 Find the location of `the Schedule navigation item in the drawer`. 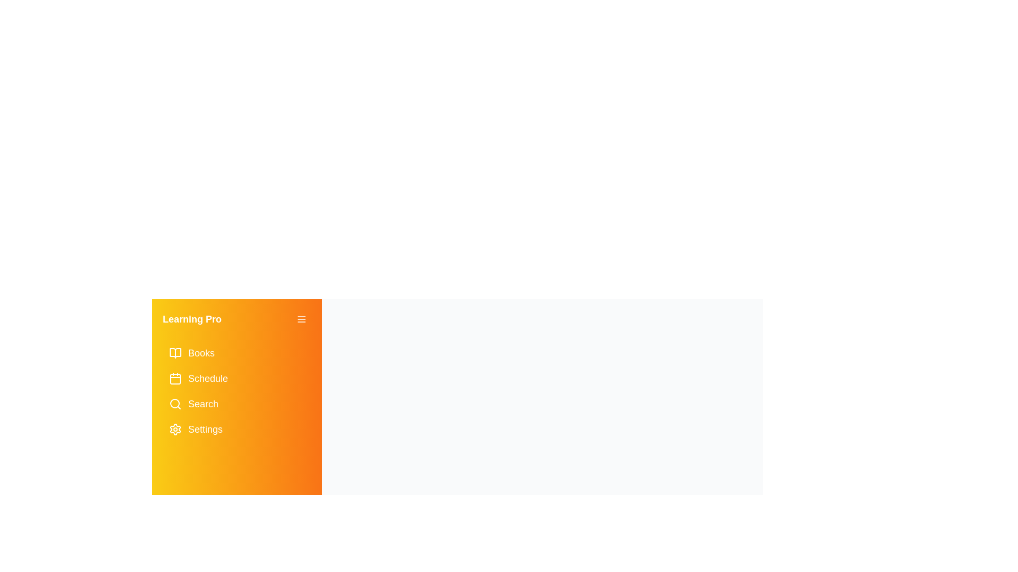

the Schedule navigation item in the drawer is located at coordinates (236, 378).